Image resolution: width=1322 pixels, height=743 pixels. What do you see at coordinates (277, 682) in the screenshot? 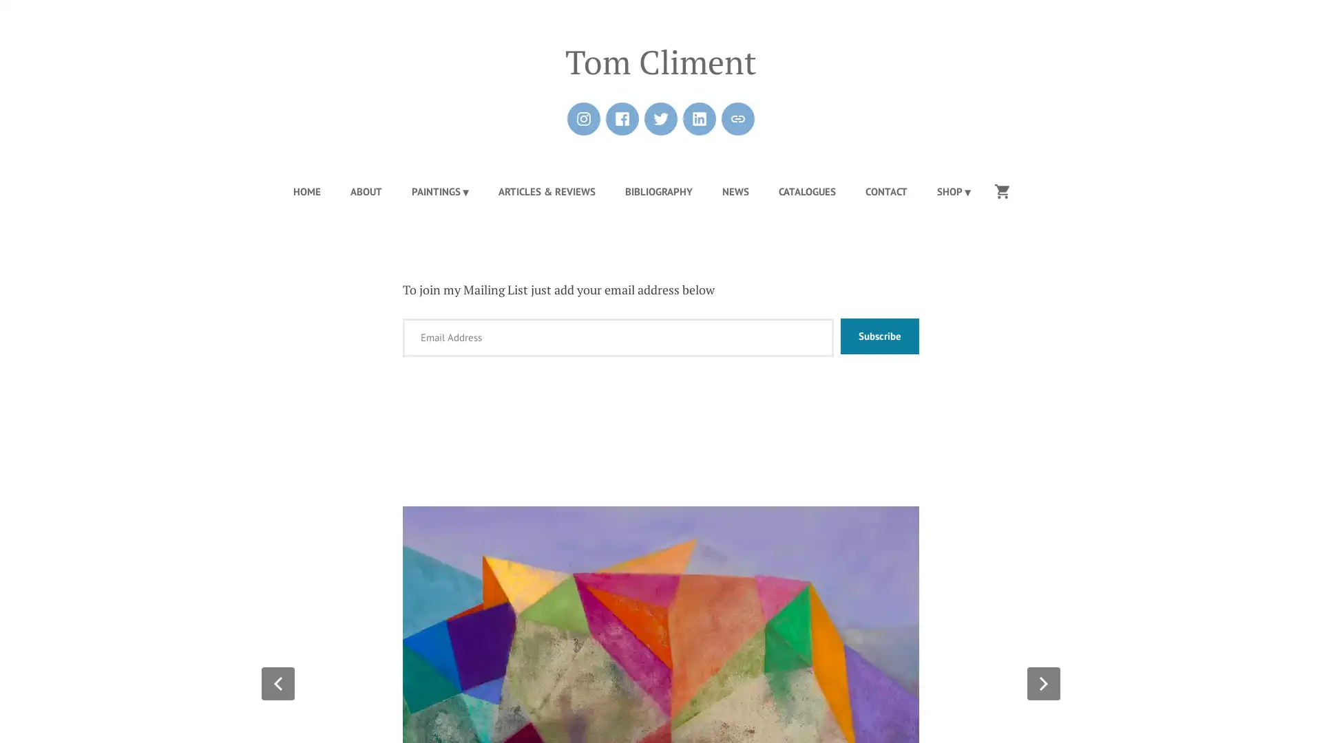
I see `Previous slide` at bounding box center [277, 682].